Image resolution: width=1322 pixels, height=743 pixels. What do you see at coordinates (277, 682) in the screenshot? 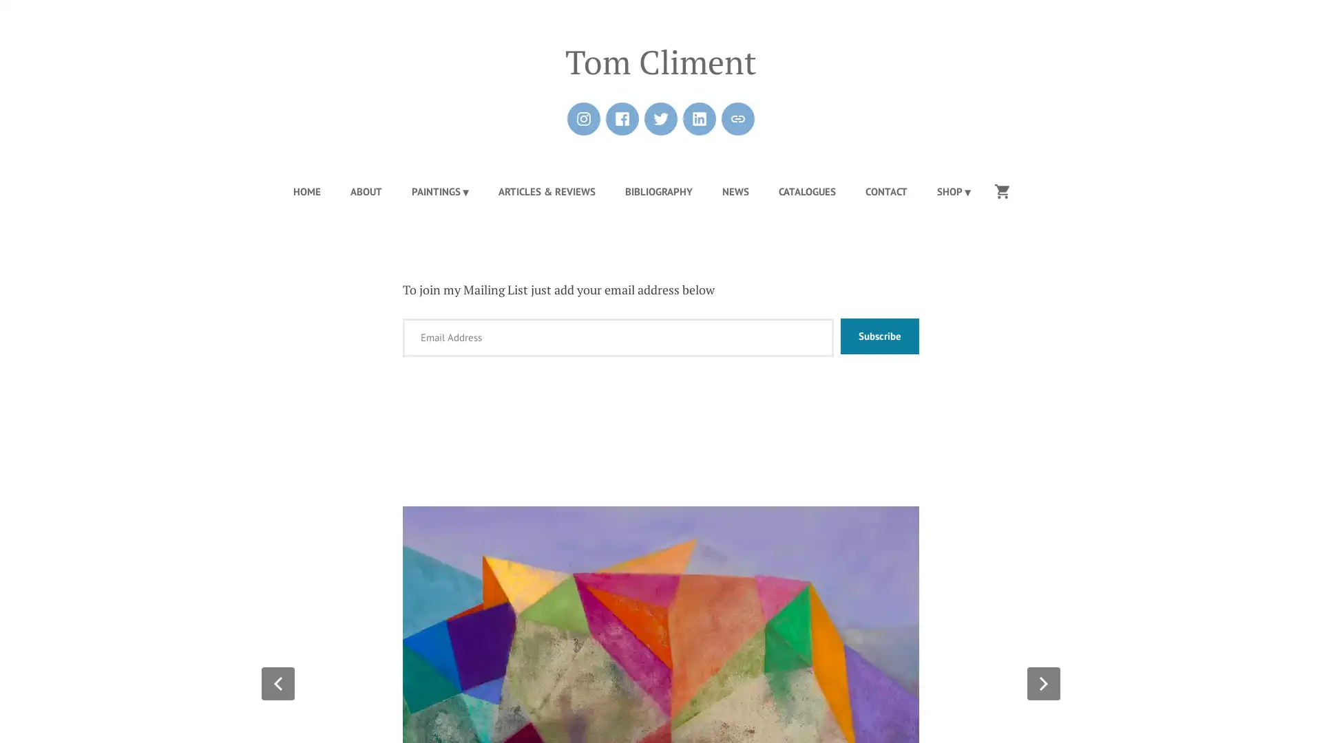
I see `Previous slide` at bounding box center [277, 682].